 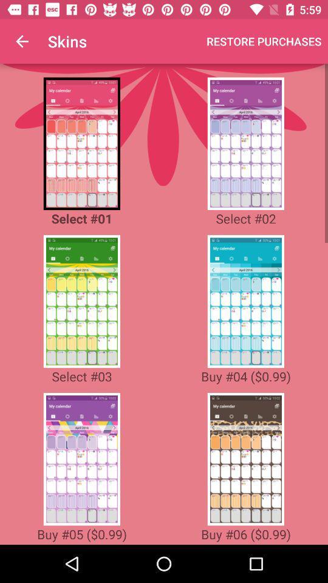 I want to click on choose that item, so click(x=245, y=459).